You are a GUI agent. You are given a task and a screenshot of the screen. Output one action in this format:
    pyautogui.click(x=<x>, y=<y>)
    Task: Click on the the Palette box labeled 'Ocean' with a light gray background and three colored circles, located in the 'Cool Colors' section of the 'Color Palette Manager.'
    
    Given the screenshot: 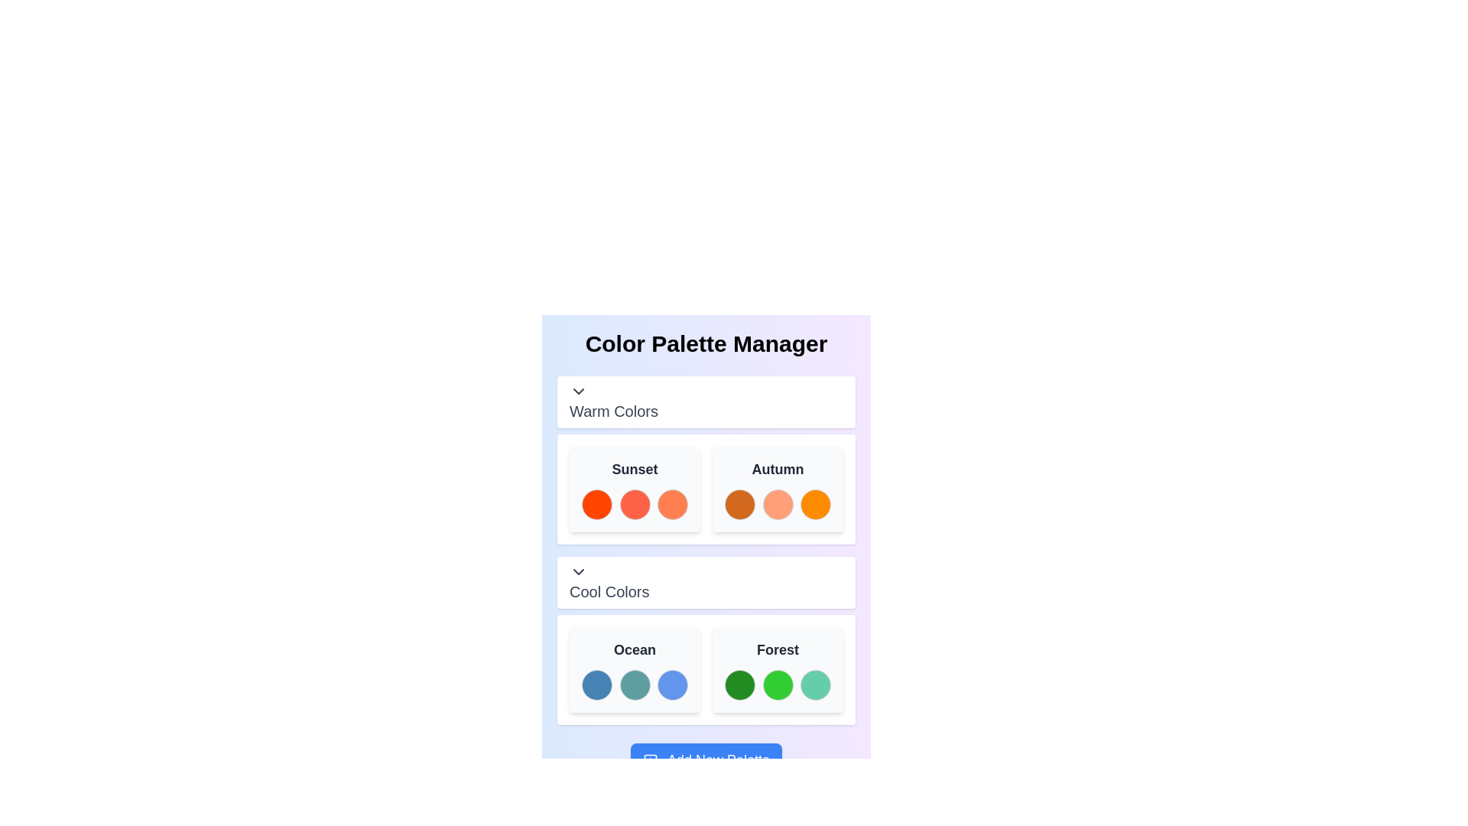 What is the action you would take?
    pyautogui.click(x=635, y=668)
    